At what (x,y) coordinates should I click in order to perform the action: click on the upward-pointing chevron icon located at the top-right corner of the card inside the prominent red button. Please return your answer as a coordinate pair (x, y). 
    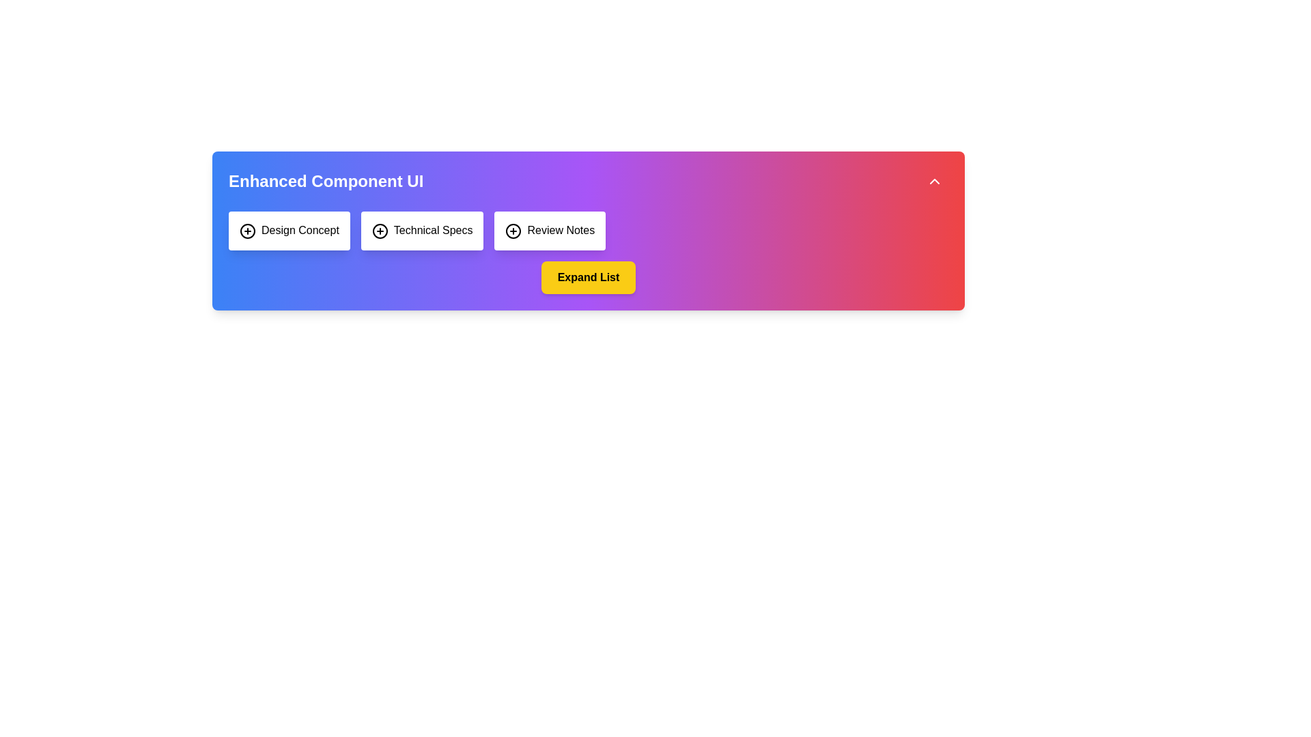
    Looking at the image, I should click on (933, 181).